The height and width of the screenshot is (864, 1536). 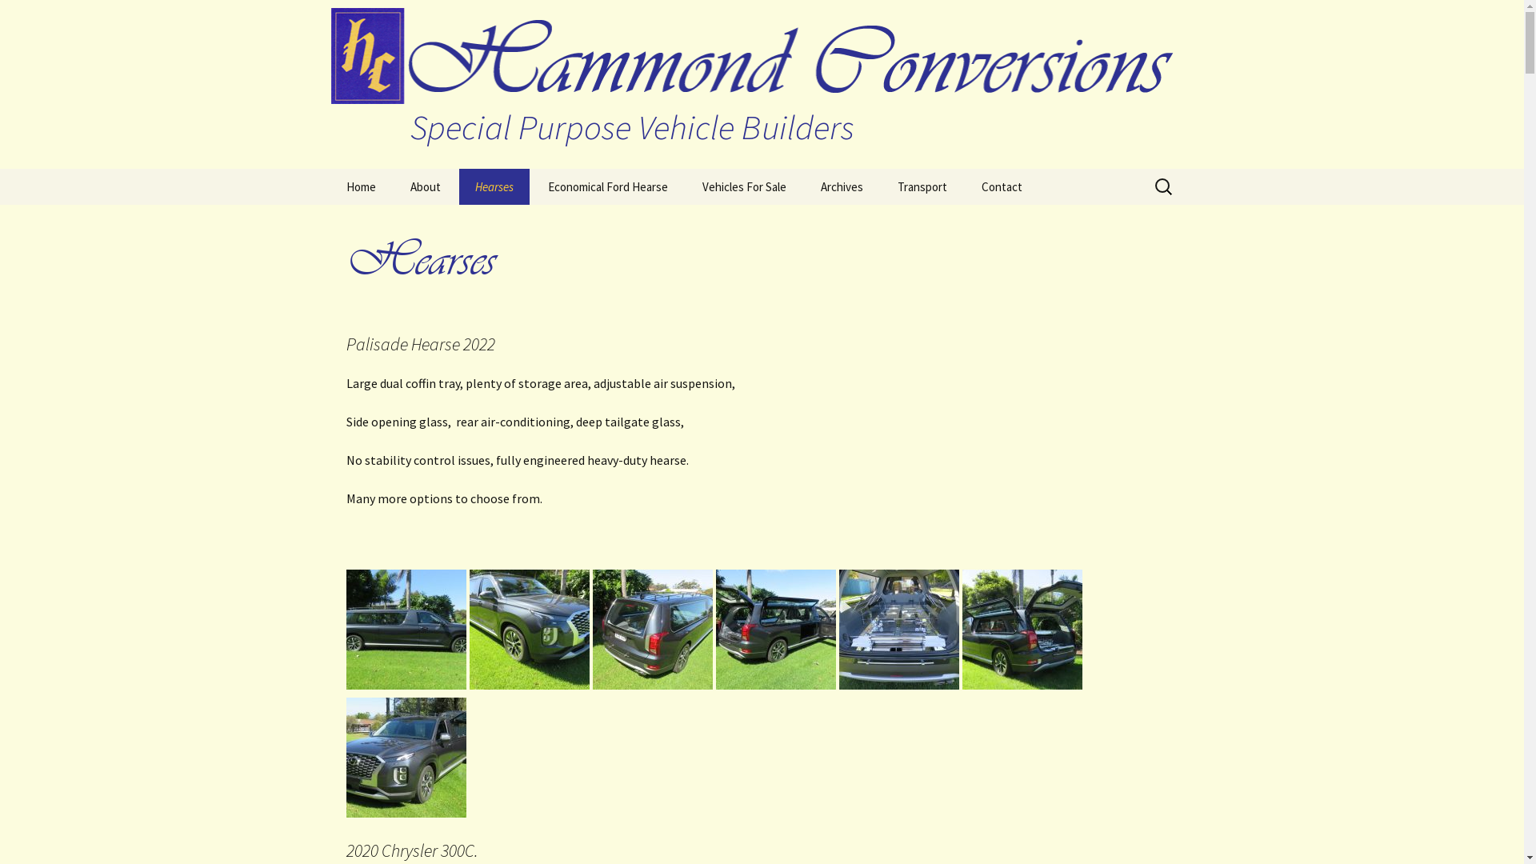 I want to click on 'Economical Ford Hearse', so click(x=606, y=186).